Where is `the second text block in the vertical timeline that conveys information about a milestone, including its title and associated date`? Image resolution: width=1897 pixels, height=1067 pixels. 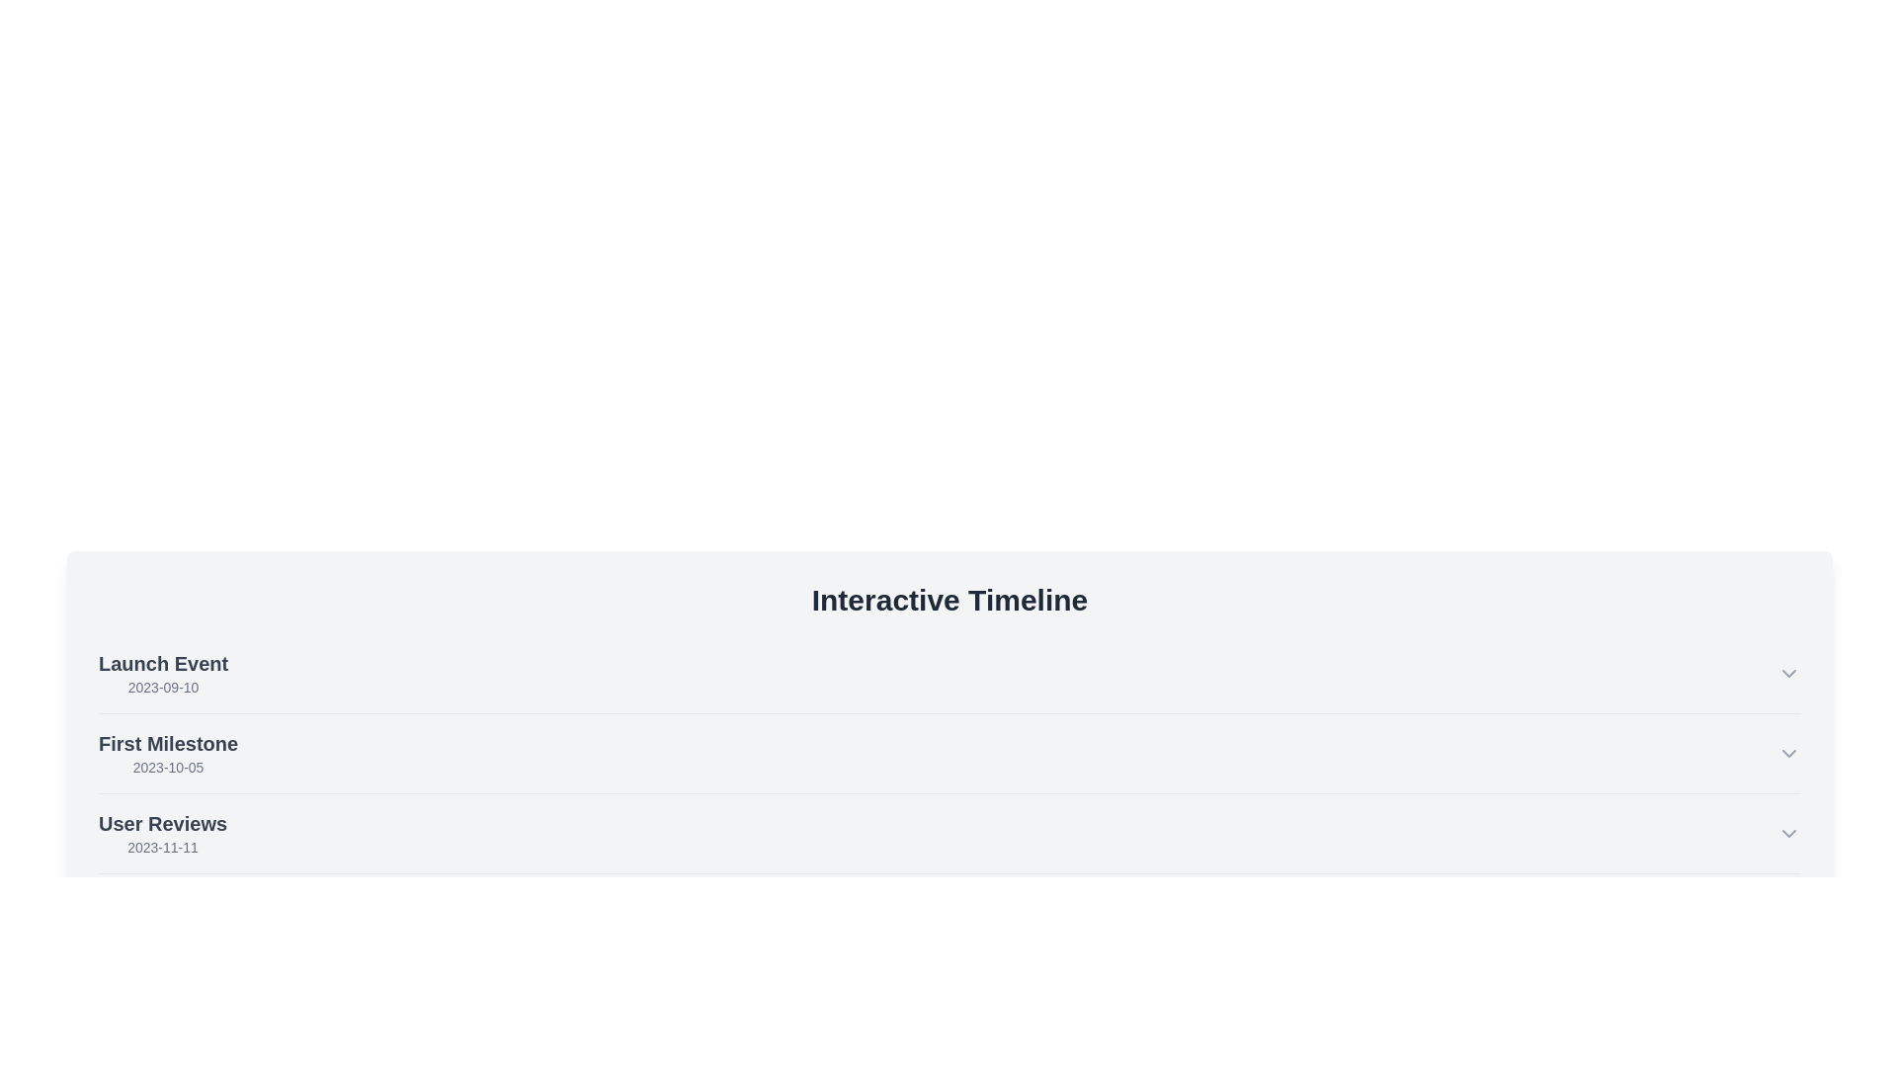 the second text block in the vertical timeline that conveys information about a milestone, including its title and associated date is located at coordinates (168, 754).